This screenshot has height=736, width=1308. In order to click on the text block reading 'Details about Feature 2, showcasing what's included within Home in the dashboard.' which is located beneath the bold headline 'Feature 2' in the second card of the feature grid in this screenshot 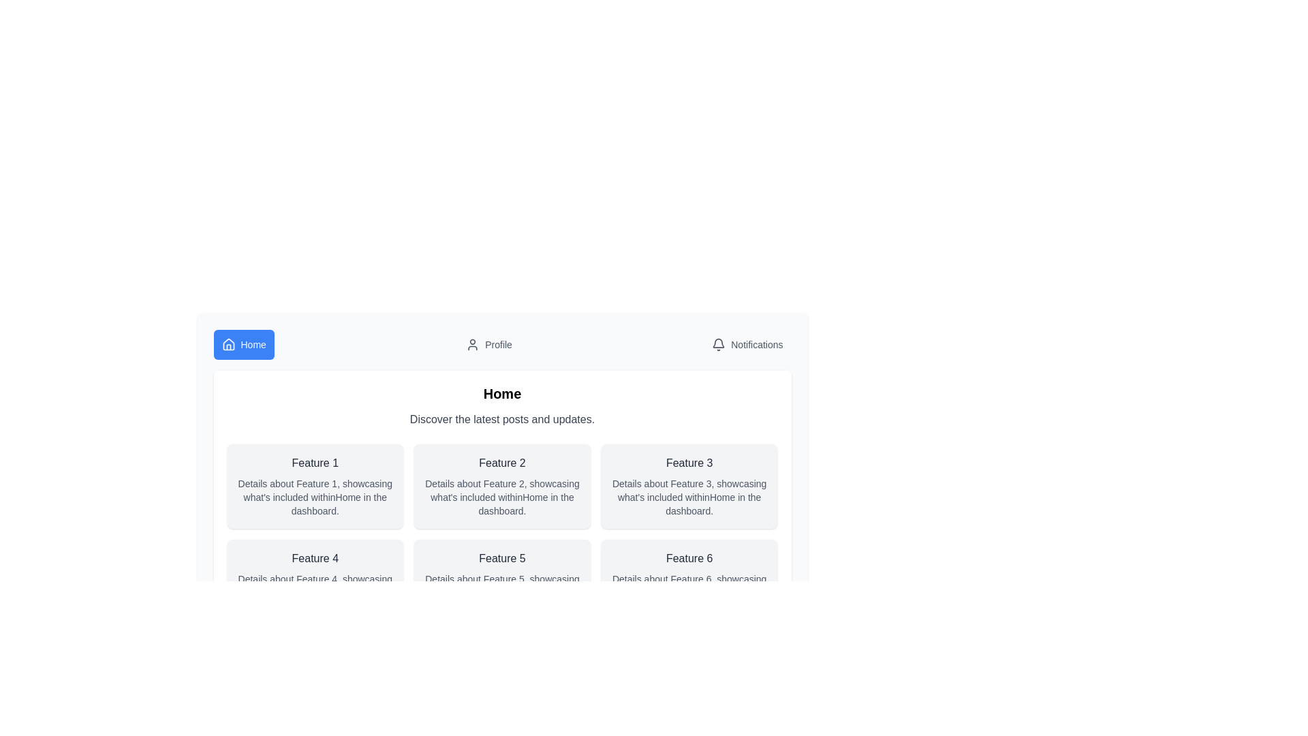, I will do `click(501, 497)`.